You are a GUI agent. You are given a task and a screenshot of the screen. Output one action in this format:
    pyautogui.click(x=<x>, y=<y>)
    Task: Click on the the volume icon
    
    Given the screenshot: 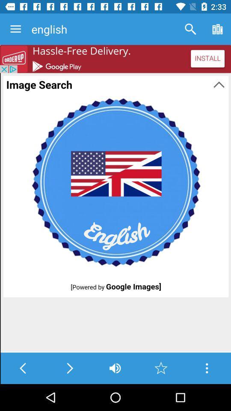 What is the action you would take?
    pyautogui.click(x=115, y=368)
    